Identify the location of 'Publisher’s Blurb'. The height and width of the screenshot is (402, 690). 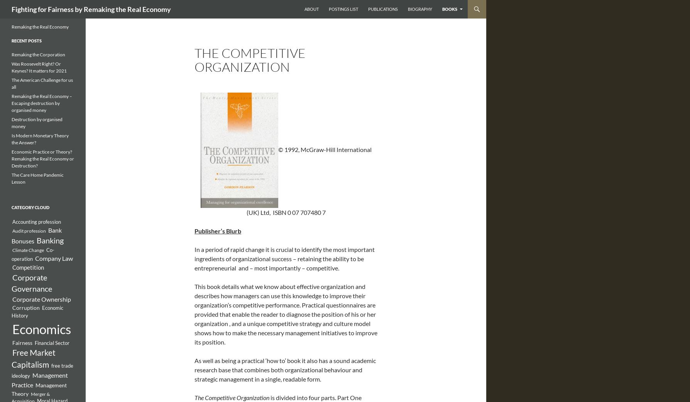
(218, 230).